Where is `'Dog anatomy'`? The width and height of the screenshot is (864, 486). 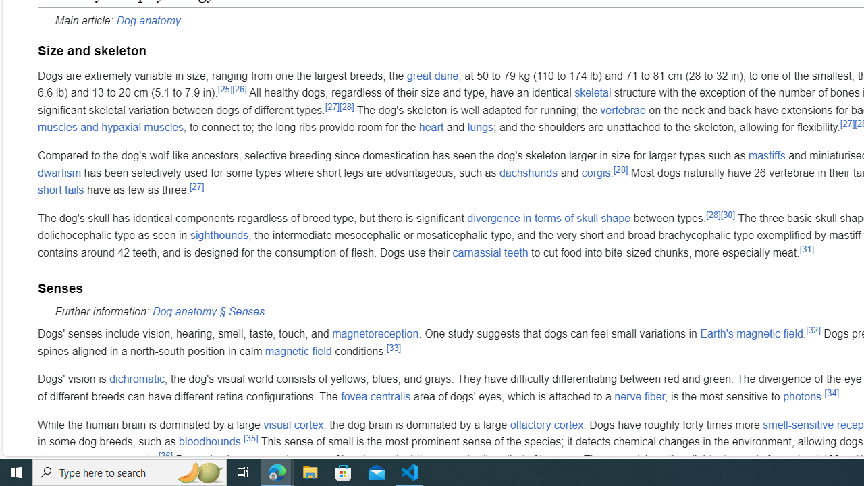 'Dog anatomy' is located at coordinates (148, 20).